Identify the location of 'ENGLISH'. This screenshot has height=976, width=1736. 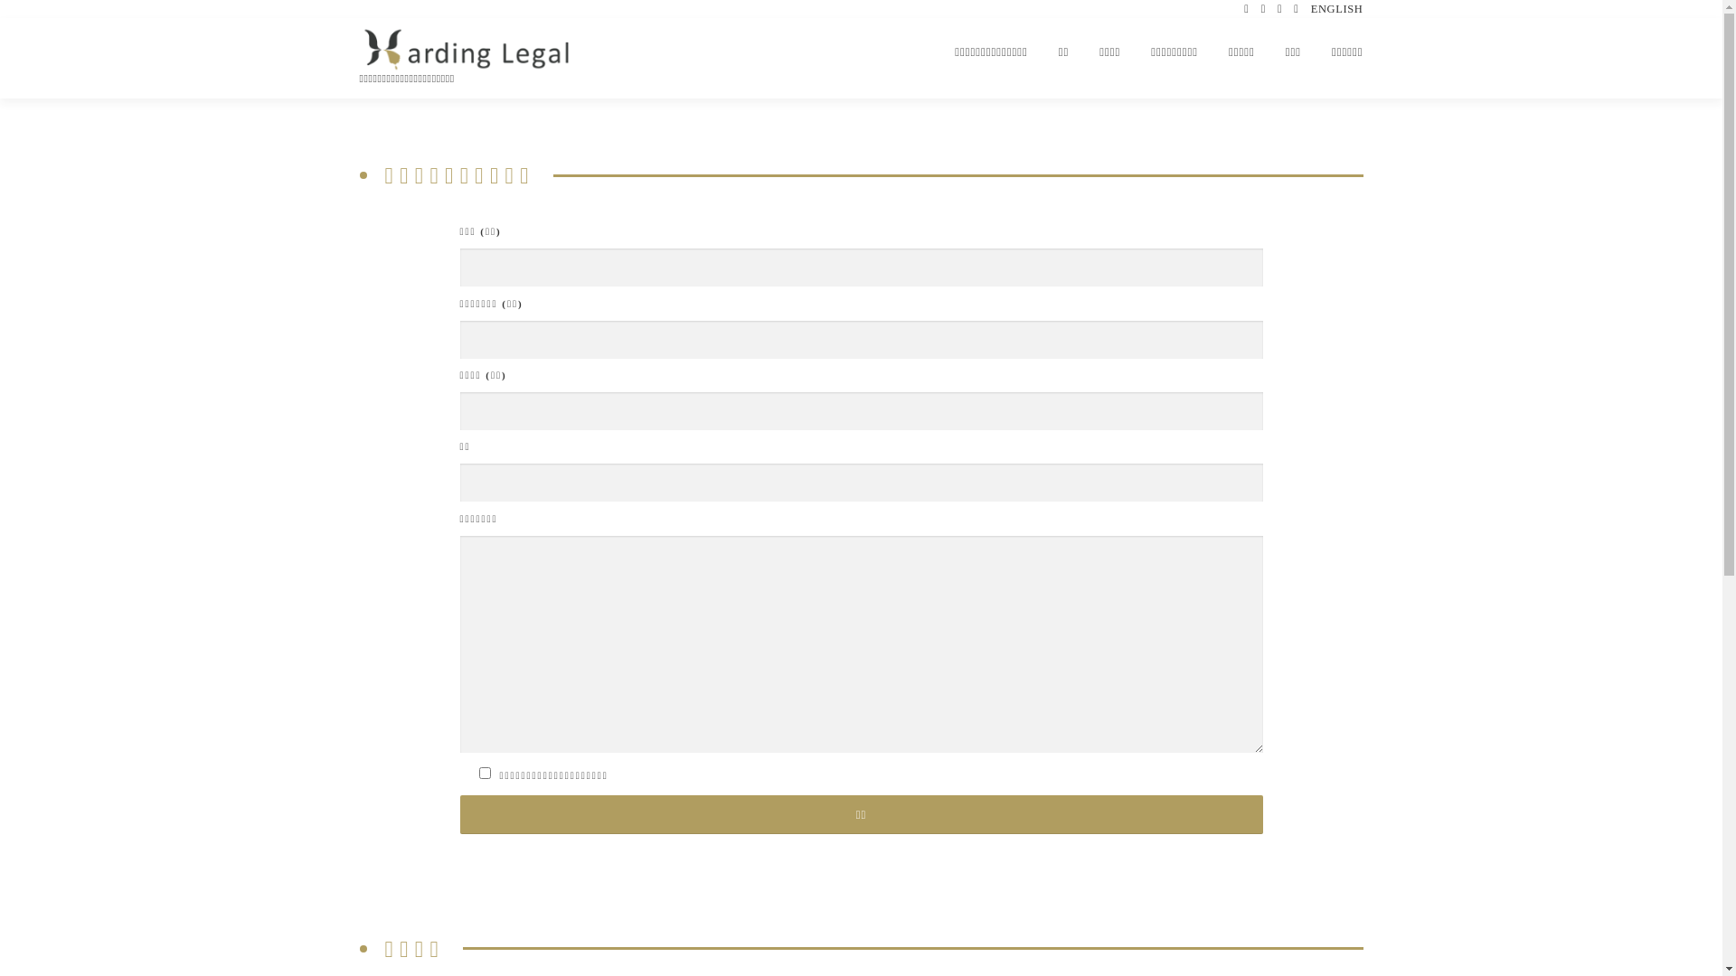
(1336, 9).